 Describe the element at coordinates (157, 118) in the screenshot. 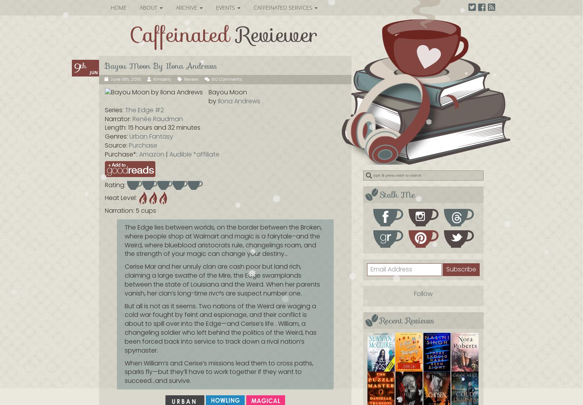

I see `'Renée Raudman'` at that location.